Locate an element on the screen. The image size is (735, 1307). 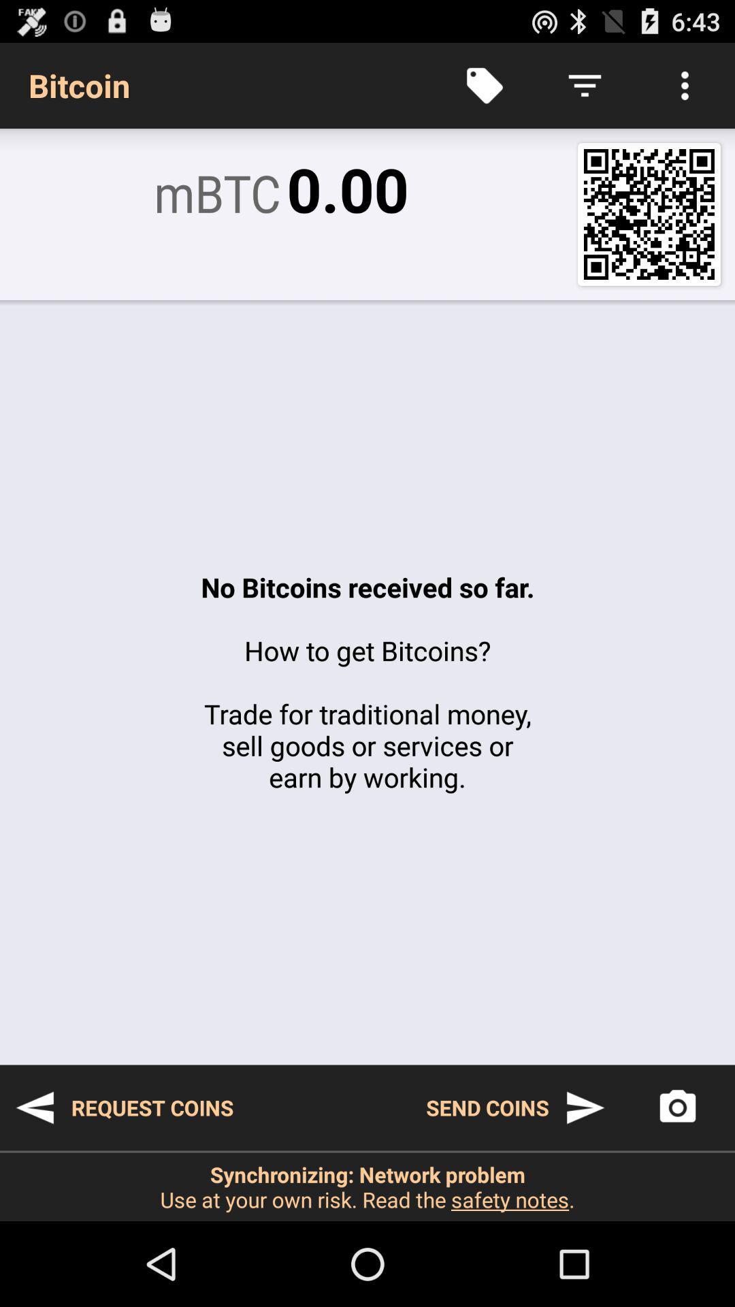
the photo icon is located at coordinates (677, 1184).